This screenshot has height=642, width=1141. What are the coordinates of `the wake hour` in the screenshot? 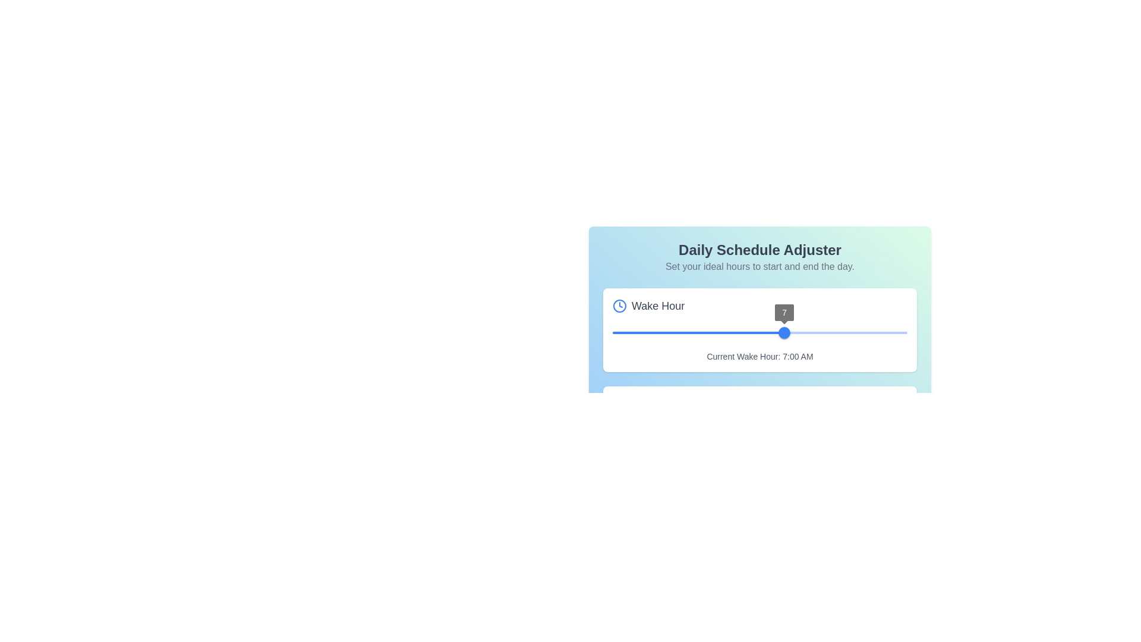 It's located at (858, 332).